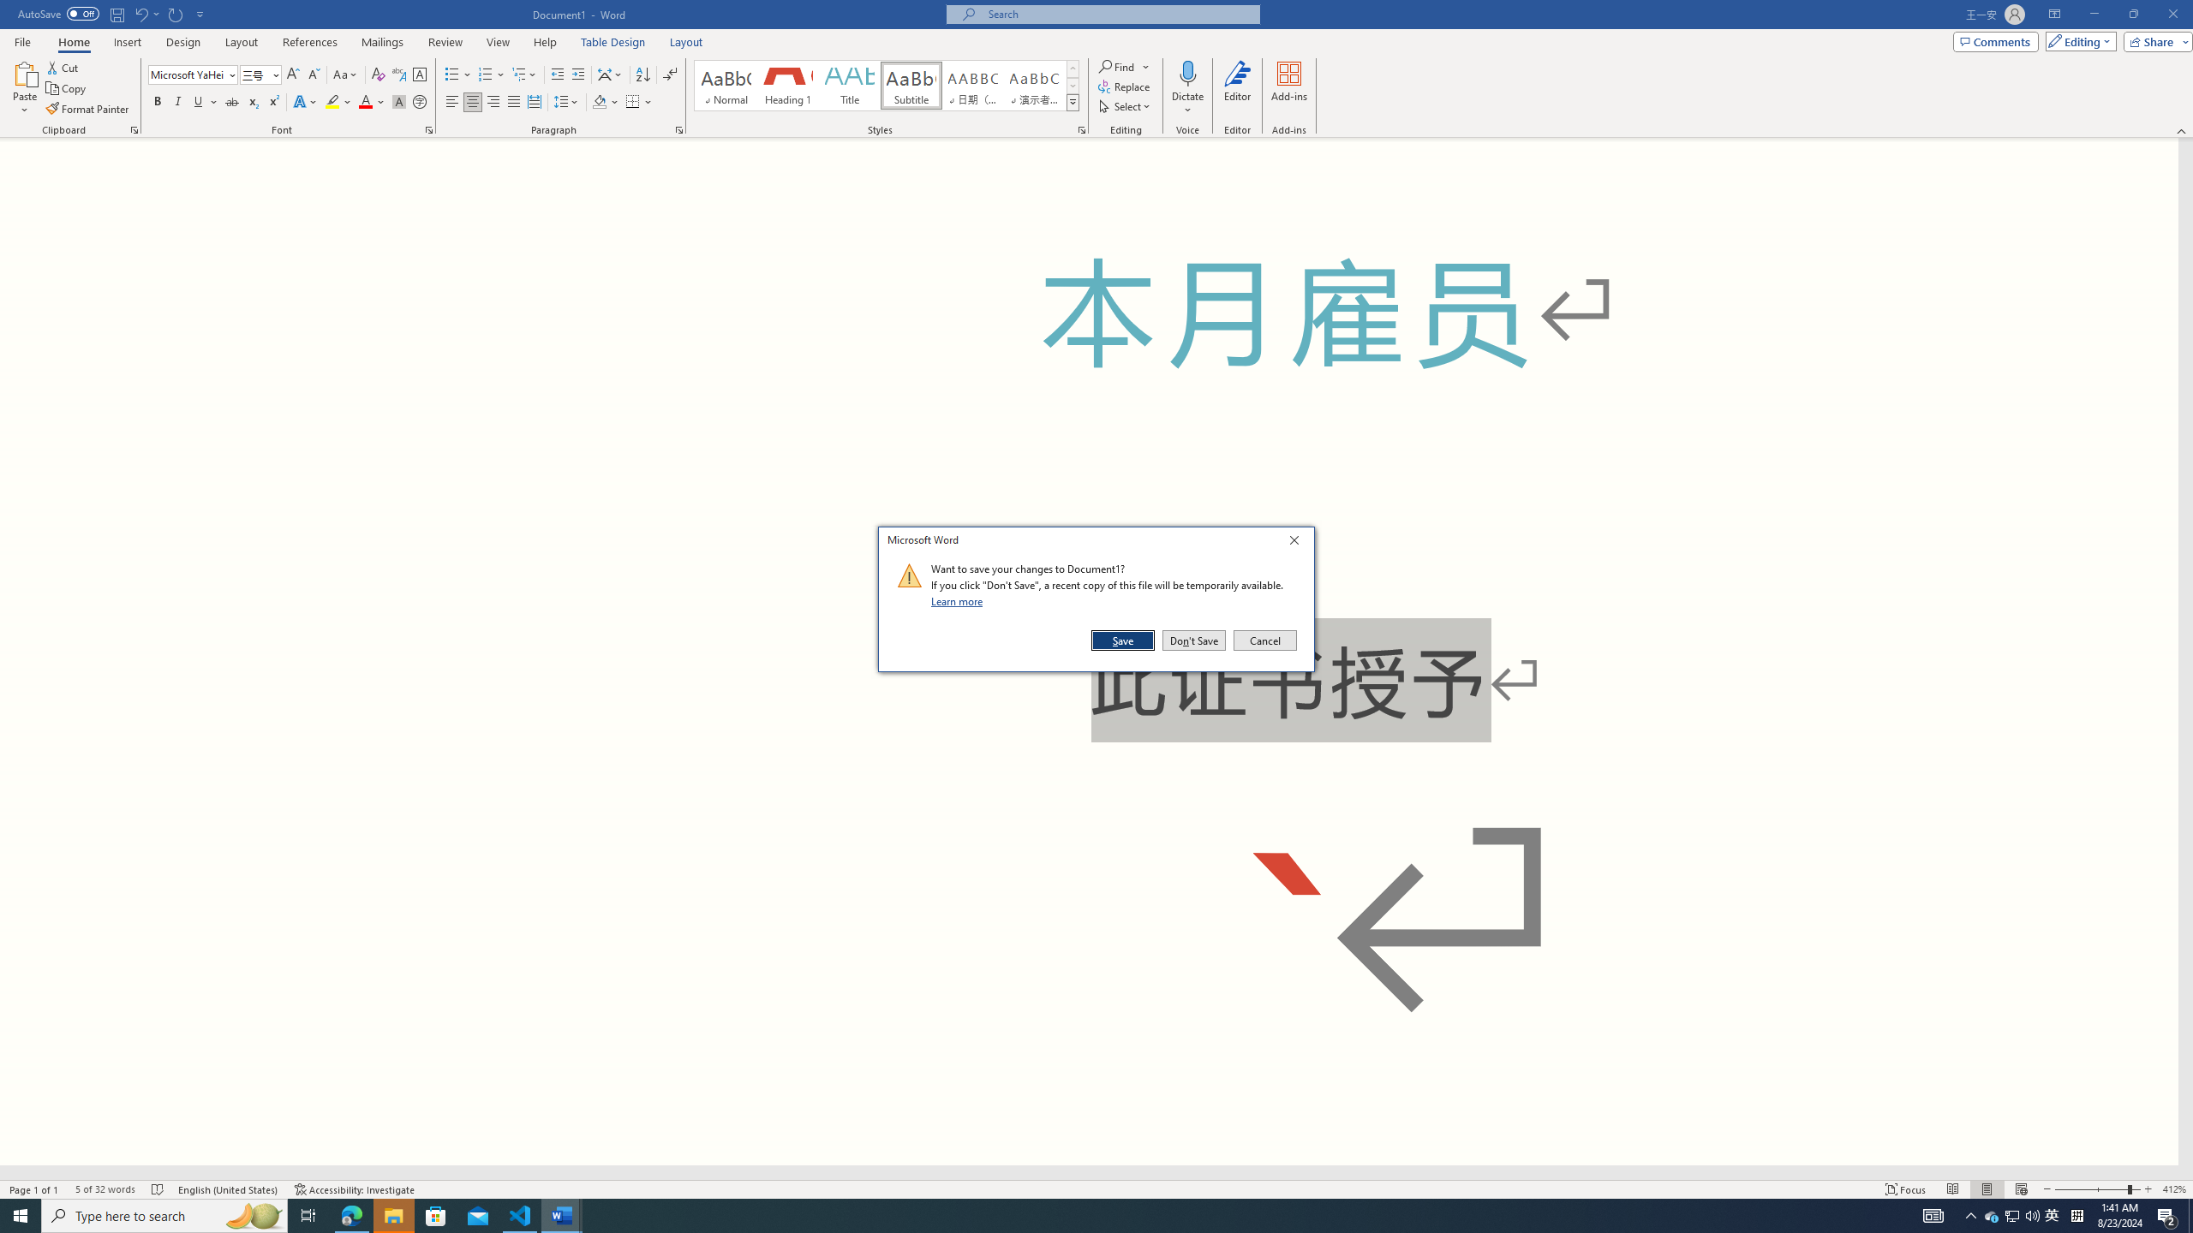  What do you see at coordinates (493, 101) in the screenshot?
I see `'Align Right'` at bounding box center [493, 101].